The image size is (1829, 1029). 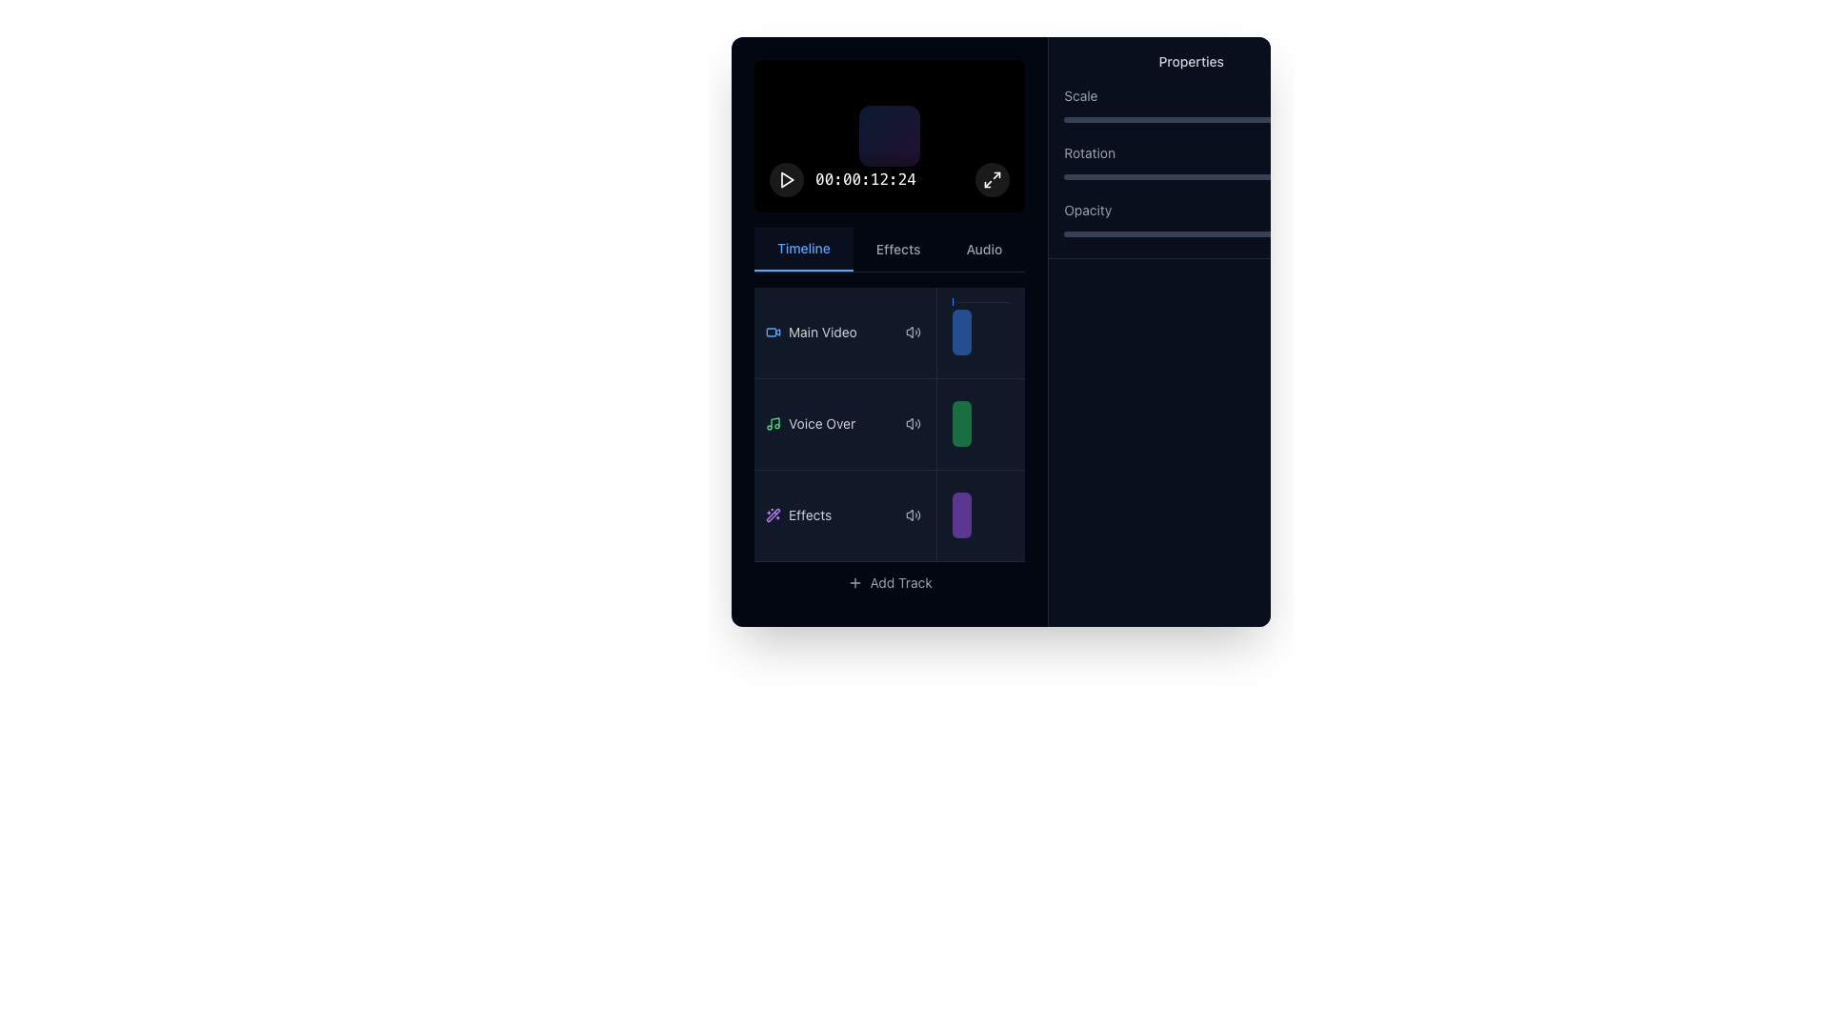 I want to click on the thumb of the slider located below the 'Opacity' label and above the '100%' percentage, so click(x=1190, y=233).